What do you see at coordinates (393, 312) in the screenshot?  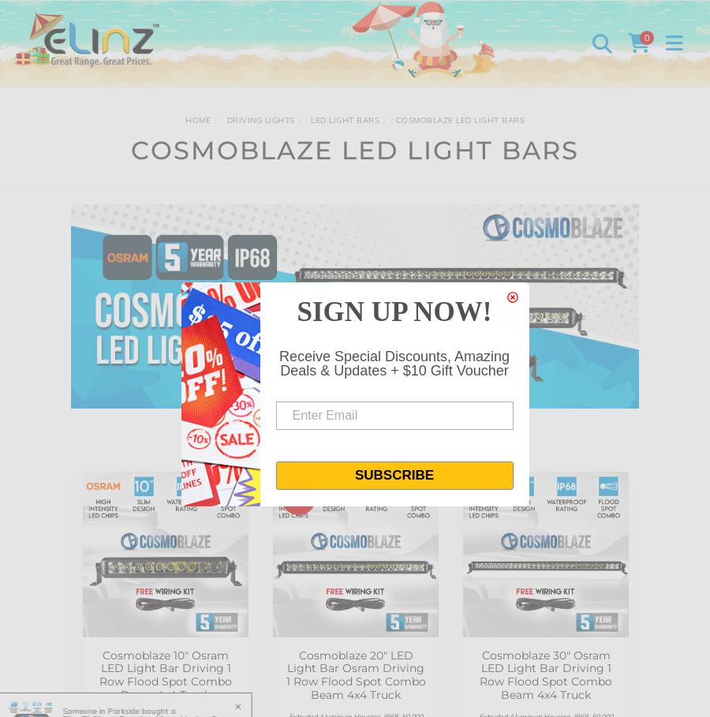 I see `'SIGN UP NOW!'` at bounding box center [393, 312].